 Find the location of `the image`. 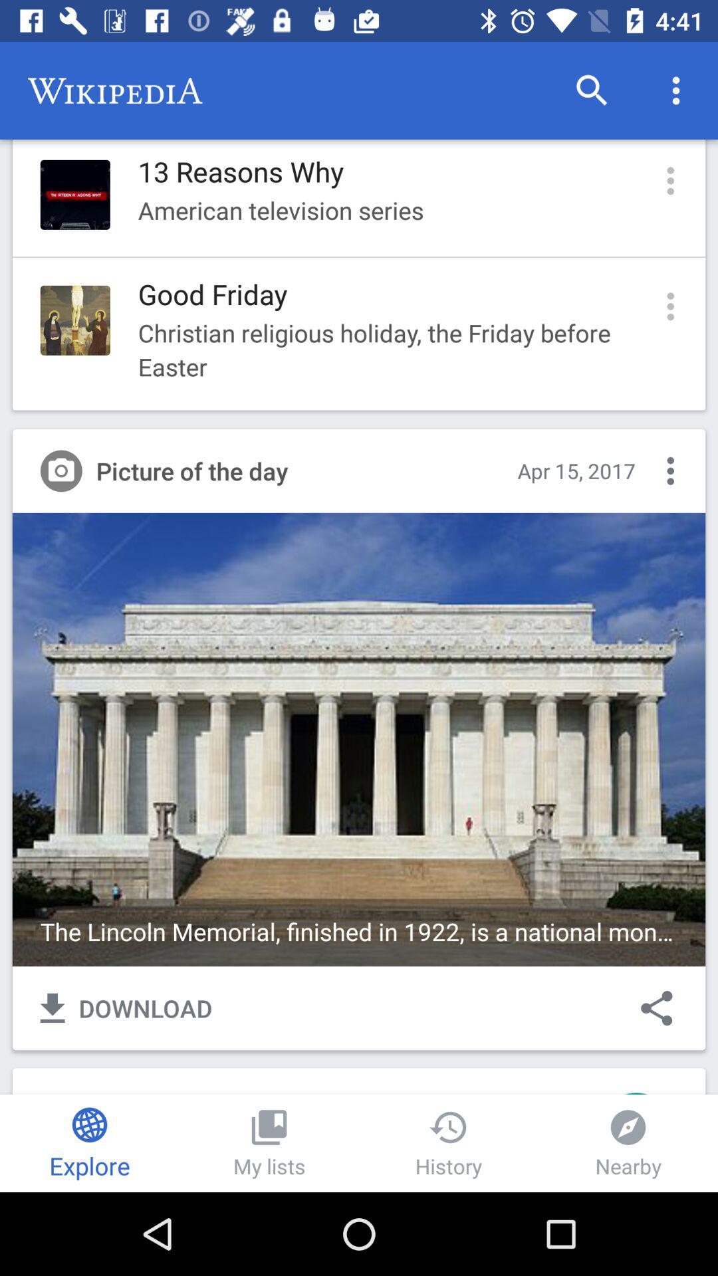

the image is located at coordinates (359, 739).